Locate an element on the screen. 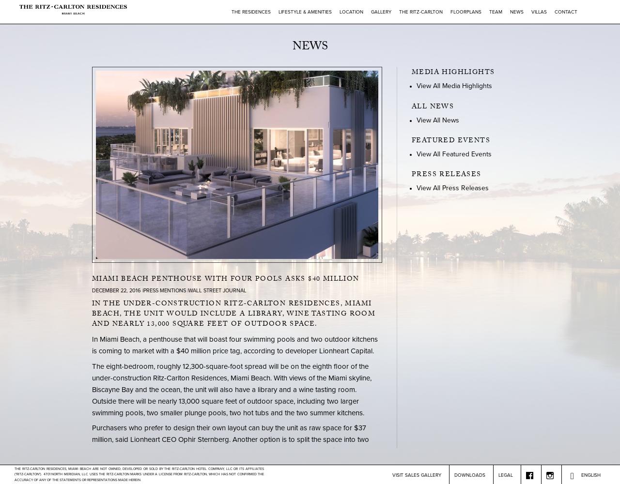  'Contact' is located at coordinates (566, 12).